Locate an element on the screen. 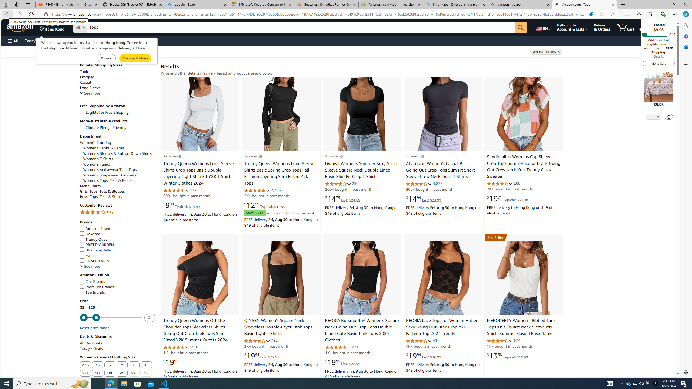 The image size is (692, 389). 'Women' is located at coordinates (119, 159).